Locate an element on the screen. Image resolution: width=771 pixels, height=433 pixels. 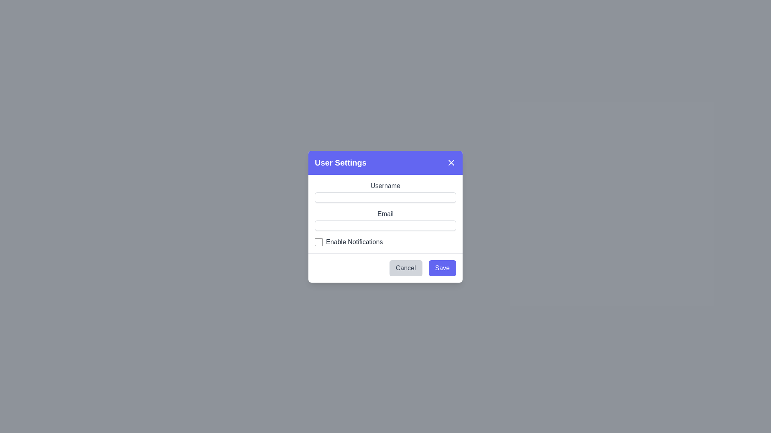
the 'Enable Notifications' label, which is positioned to the right of the adjacent checkbox within the modal is located at coordinates (354, 241).